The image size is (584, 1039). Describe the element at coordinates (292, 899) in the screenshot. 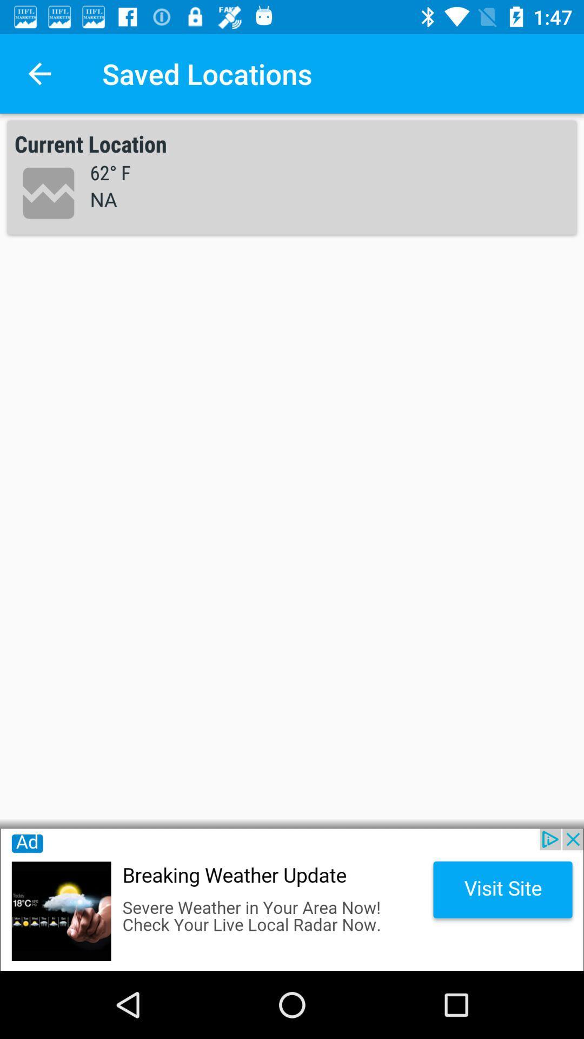

I see `advertisement` at that location.